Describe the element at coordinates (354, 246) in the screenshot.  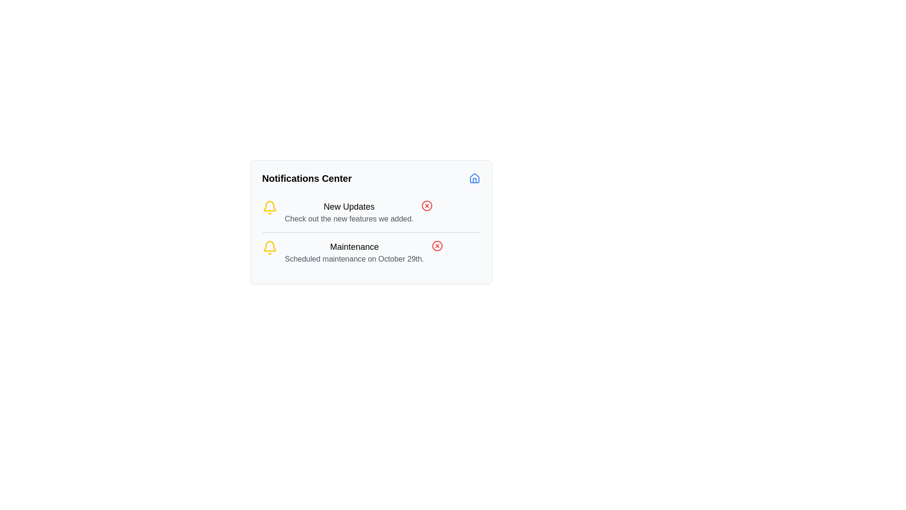
I see `the static text that serves as the title for the maintenance notification located in the second notification box of the Notifications Center` at that location.